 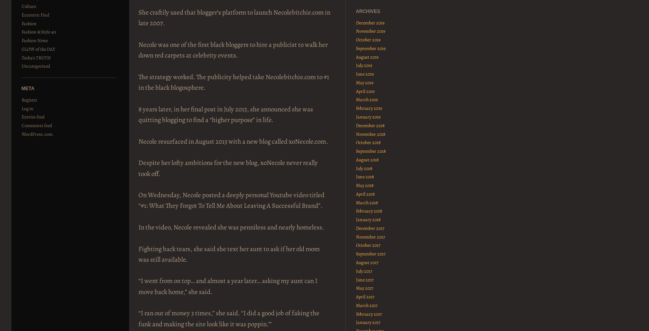 I want to click on 'December 2019', so click(x=356, y=22).